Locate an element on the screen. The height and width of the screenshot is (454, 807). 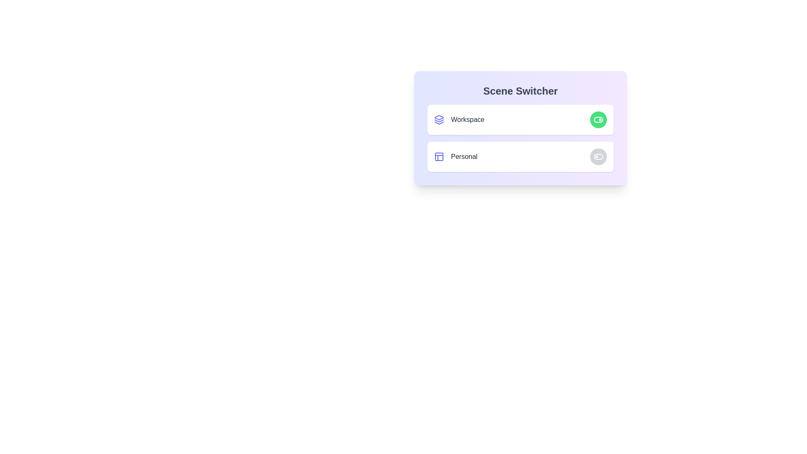
the 'Personal' card located beneath the 'Workspace' card in the 'Scene Switcher' section is located at coordinates (520, 157).